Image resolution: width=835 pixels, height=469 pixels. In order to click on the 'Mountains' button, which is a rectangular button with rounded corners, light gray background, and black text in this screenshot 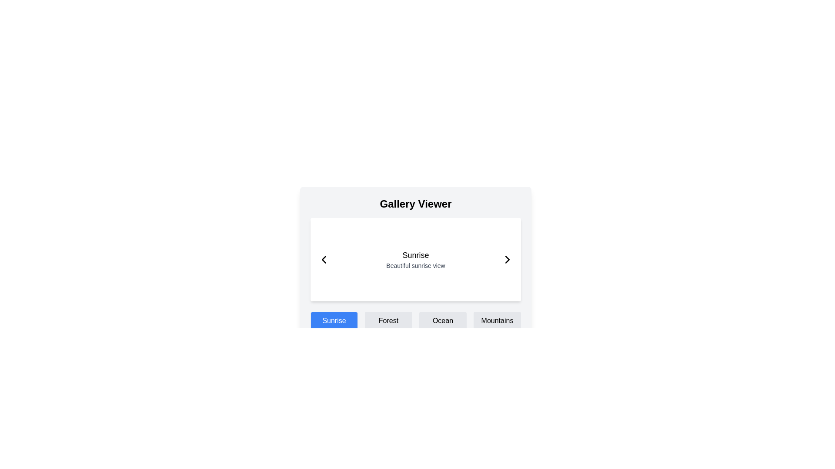, I will do `click(497, 321)`.